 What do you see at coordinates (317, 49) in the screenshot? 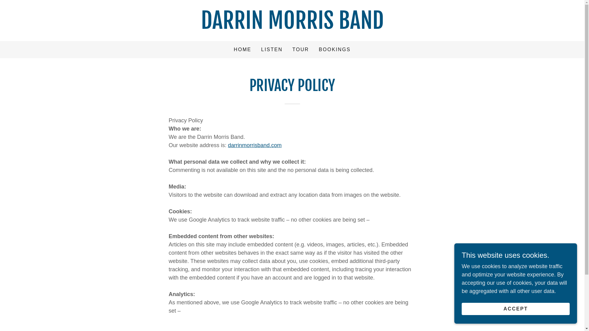
I see `'BOOKINGS'` at bounding box center [317, 49].